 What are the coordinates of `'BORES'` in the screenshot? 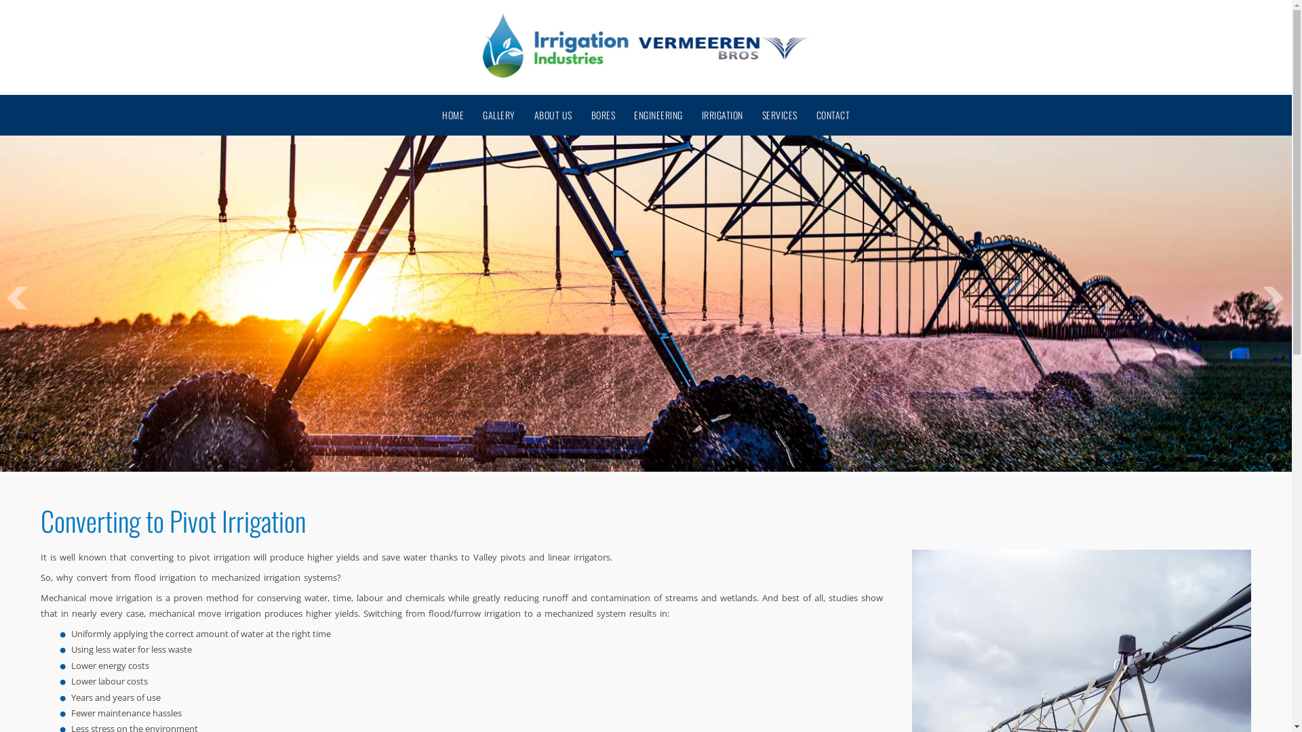 It's located at (602, 114).